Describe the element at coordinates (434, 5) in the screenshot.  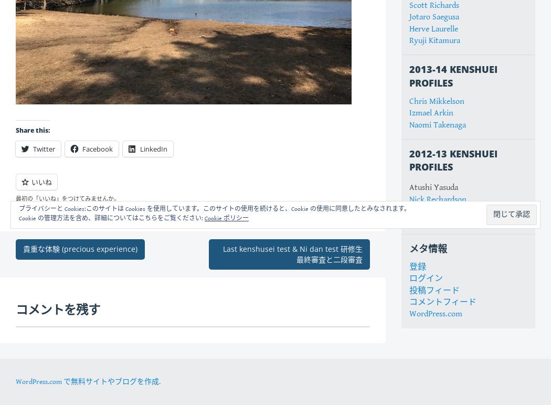
I see `'Scott Richards'` at that location.